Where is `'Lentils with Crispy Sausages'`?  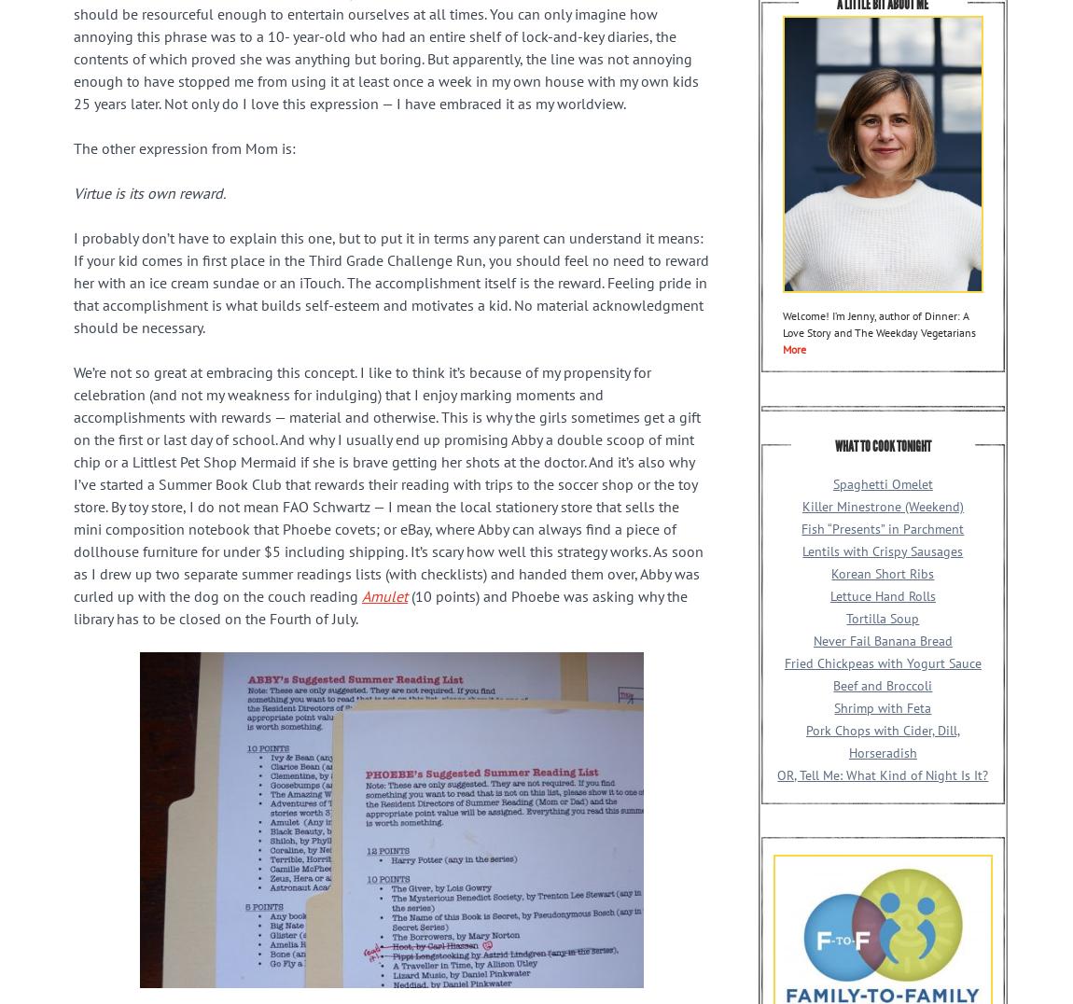 'Lentils with Crispy Sausages' is located at coordinates (882, 550).